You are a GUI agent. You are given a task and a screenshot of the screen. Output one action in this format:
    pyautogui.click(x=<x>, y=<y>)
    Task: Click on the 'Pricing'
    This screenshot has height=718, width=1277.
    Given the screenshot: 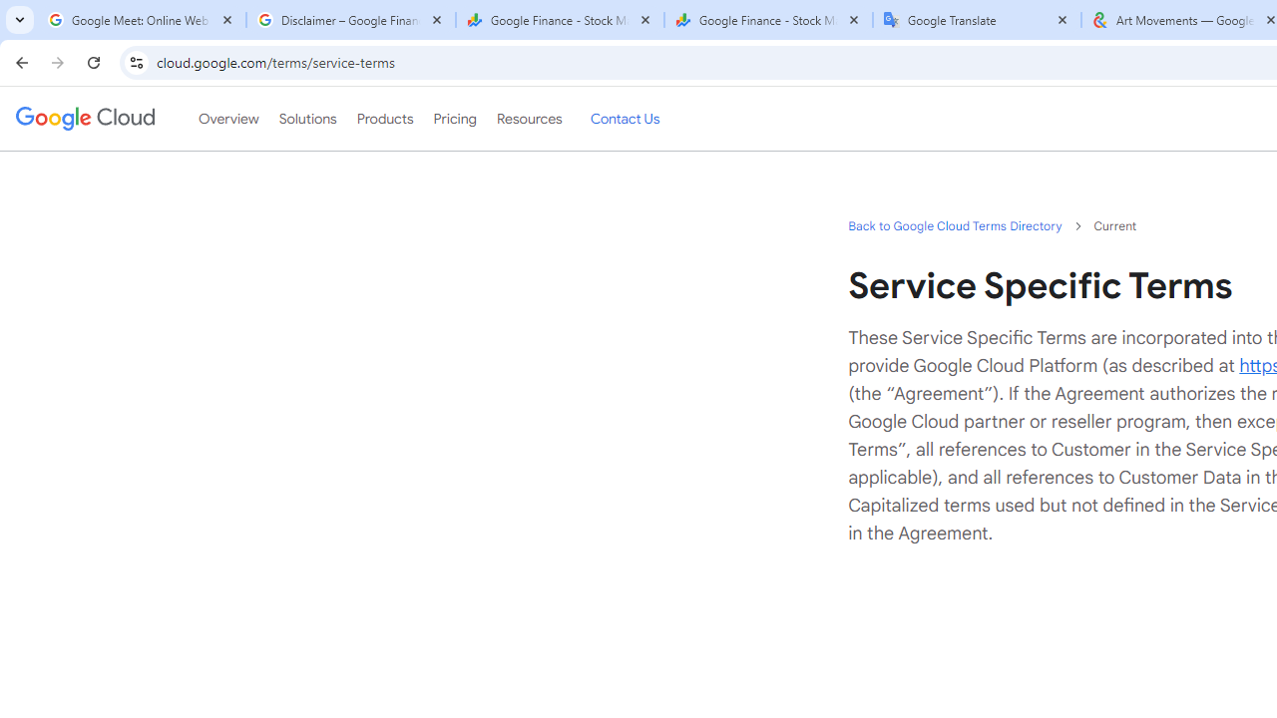 What is the action you would take?
    pyautogui.click(x=453, y=119)
    